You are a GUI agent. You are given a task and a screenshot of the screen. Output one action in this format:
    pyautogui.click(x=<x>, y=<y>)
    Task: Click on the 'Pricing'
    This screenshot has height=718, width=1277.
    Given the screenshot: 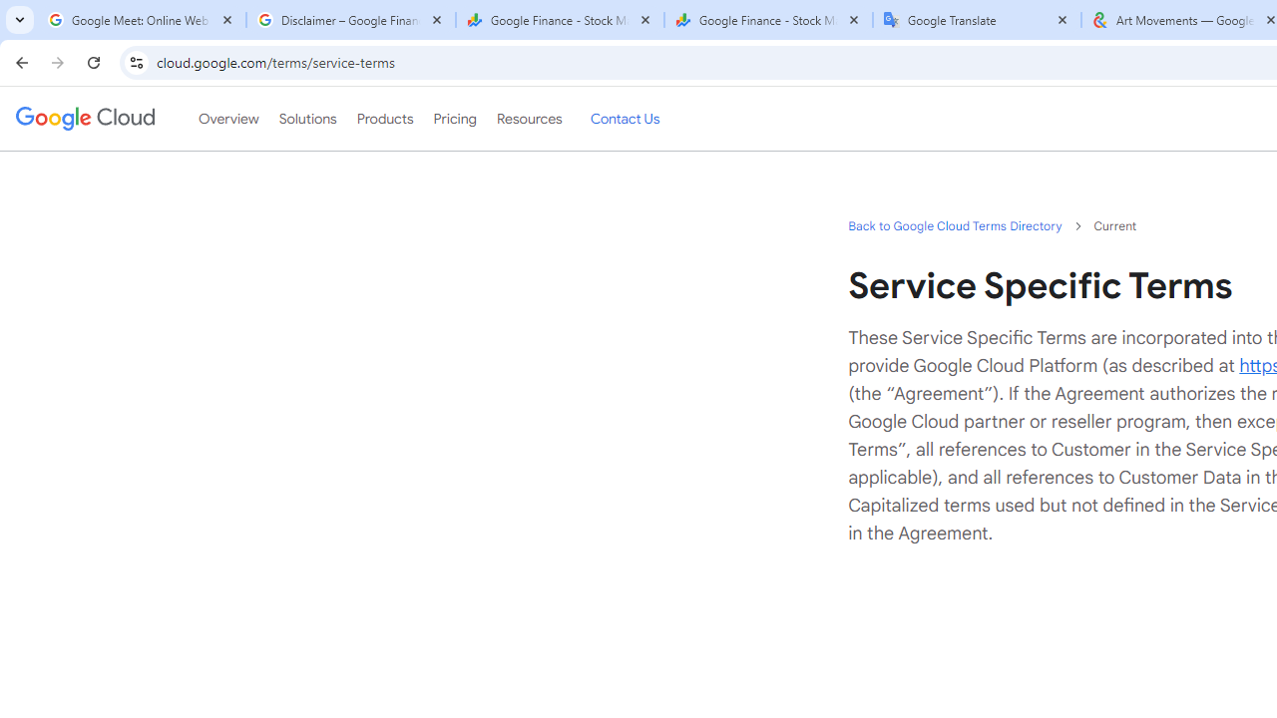 What is the action you would take?
    pyautogui.click(x=453, y=119)
    